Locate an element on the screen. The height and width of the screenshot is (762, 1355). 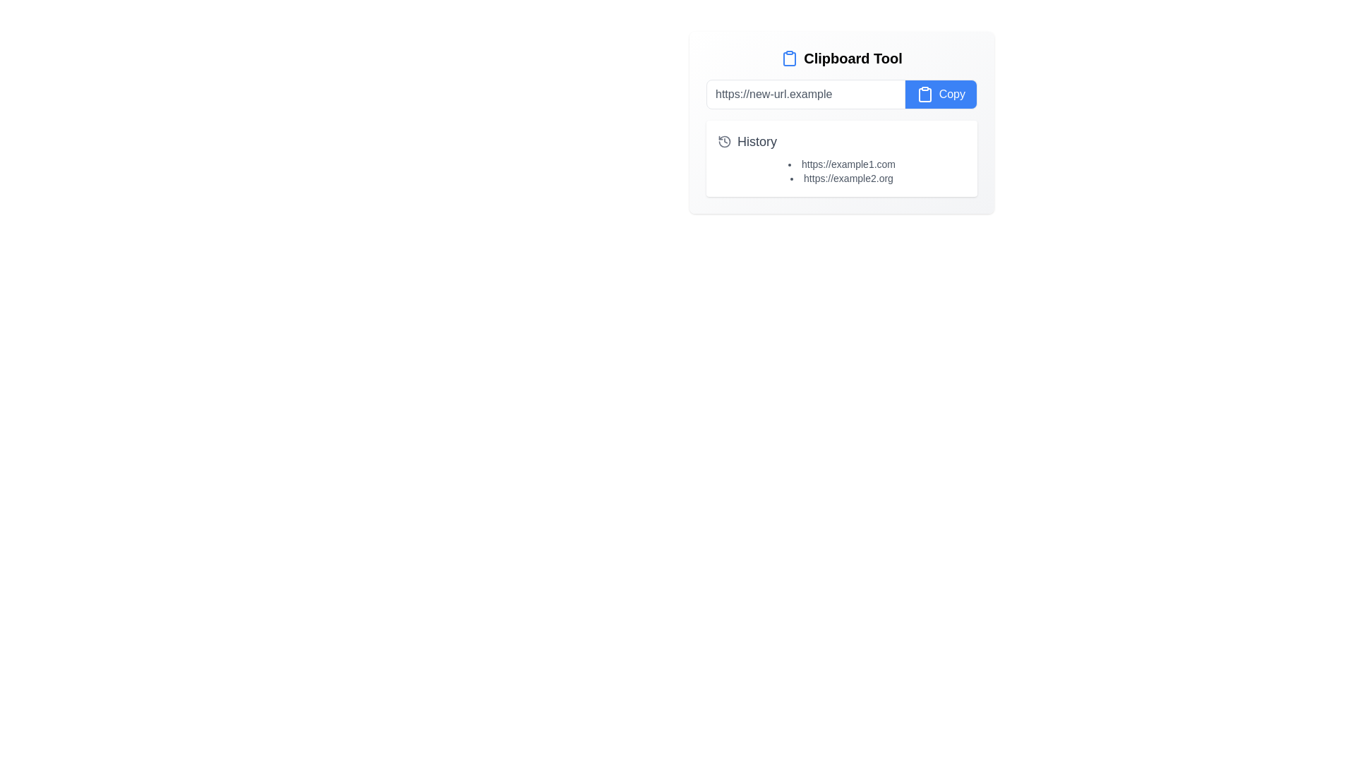
the readonly text input field displaying the URL 'https://new-url.example' is located at coordinates (805, 95).